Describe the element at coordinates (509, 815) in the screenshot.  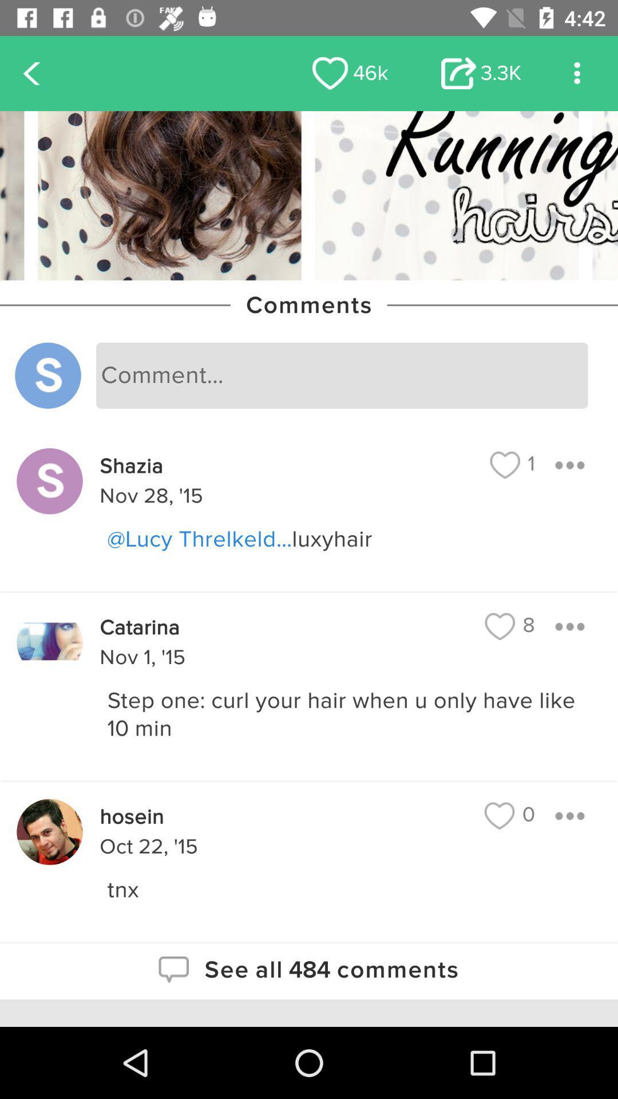
I see `the 0 icon` at that location.